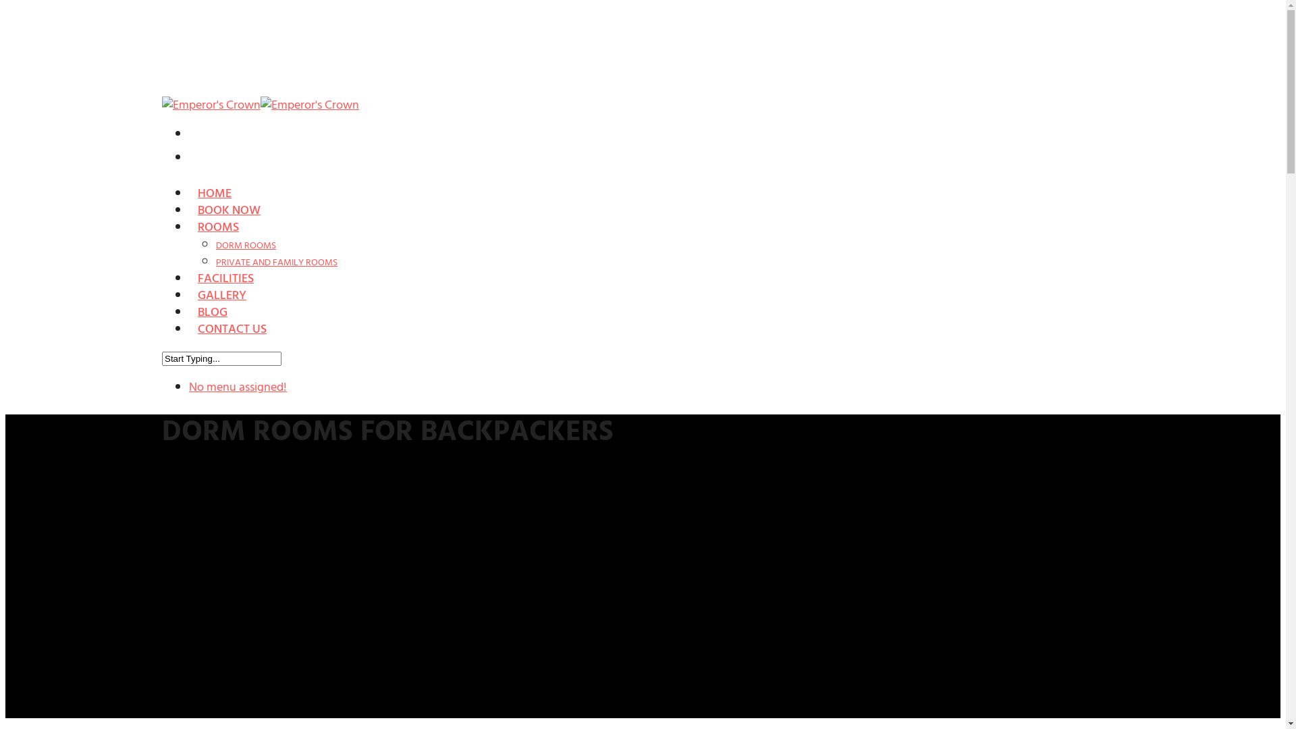  What do you see at coordinates (238, 387) in the screenshot?
I see `'No menu assigned!'` at bounding box center [238, 387].